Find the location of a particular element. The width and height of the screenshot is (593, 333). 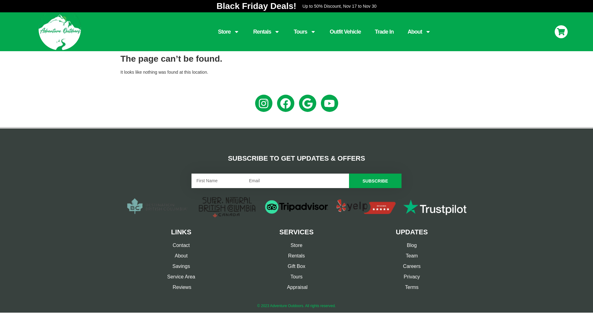

'Outfit Vehicle' is located at coordinates (345, 32).